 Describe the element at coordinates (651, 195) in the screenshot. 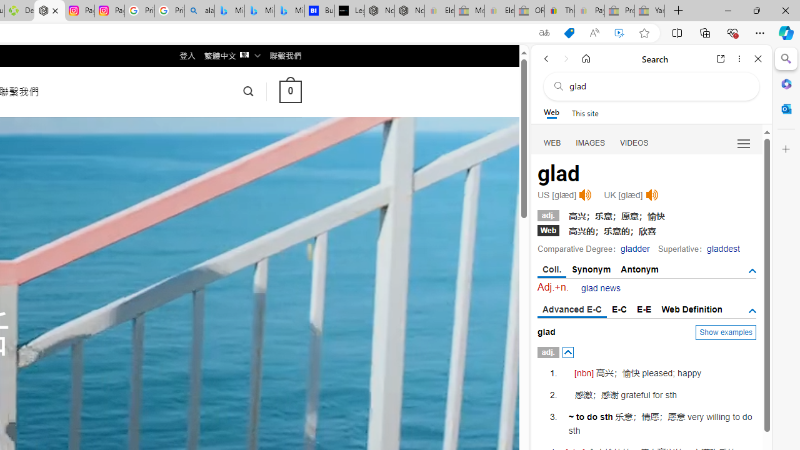

I see `'Click to listen'` at that location.